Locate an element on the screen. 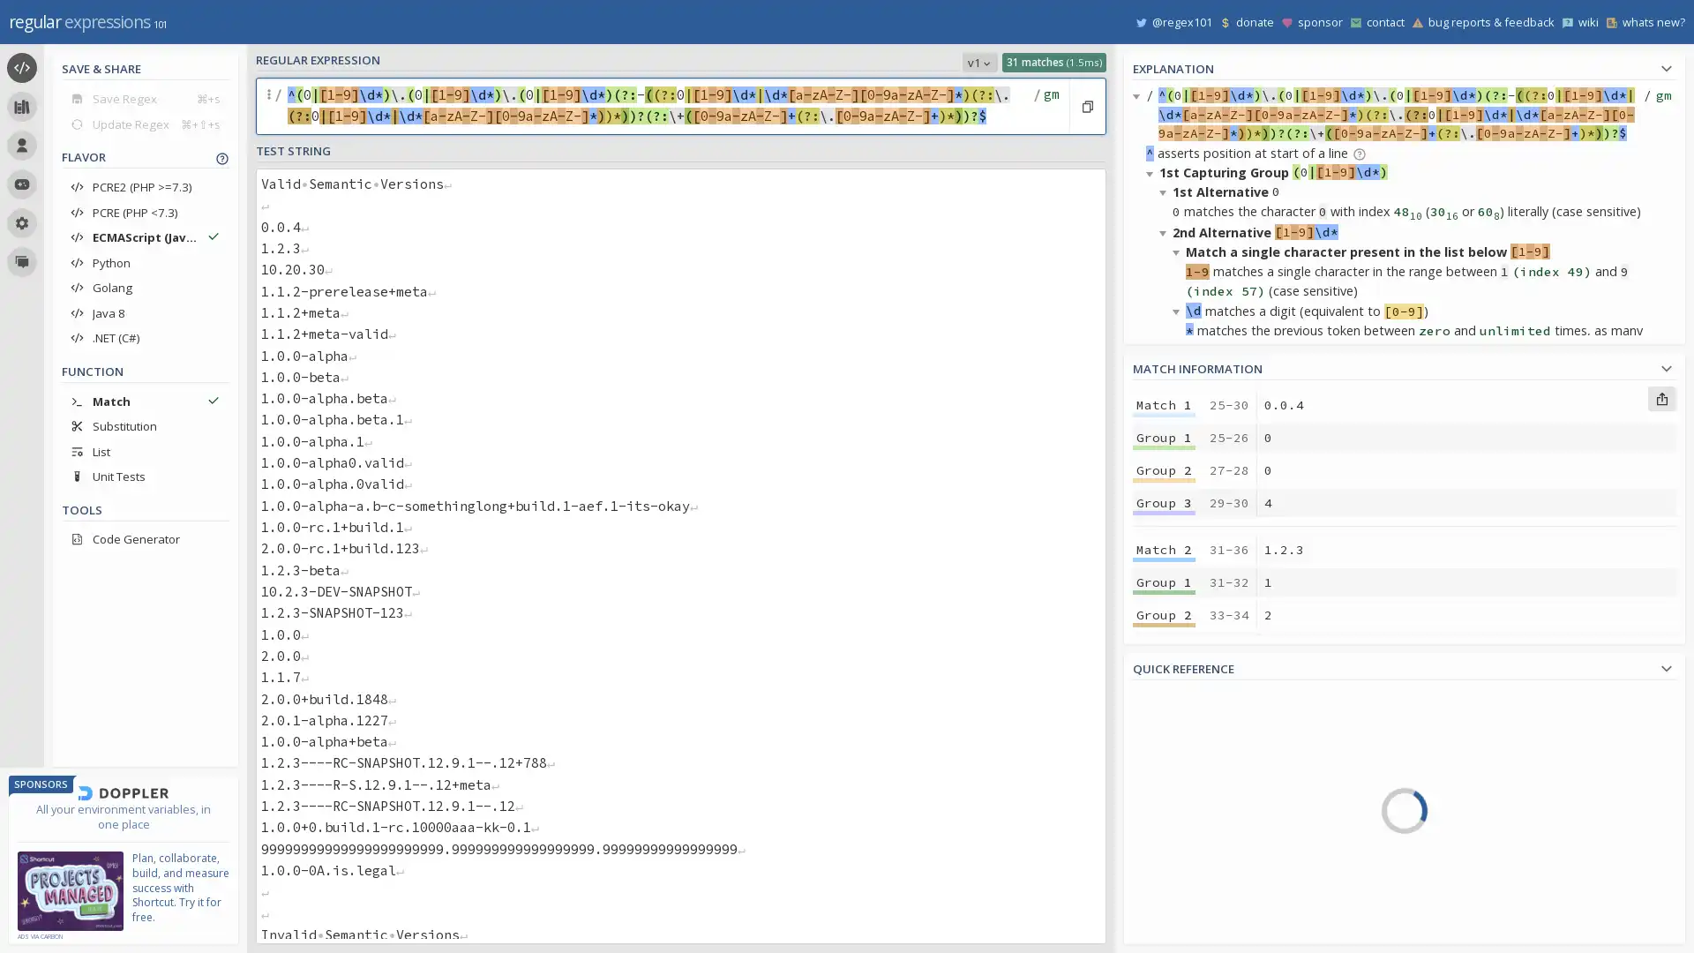 The height and width of the screenshot is (953, 1694). Java 8 is located at coordinates (145, 311).